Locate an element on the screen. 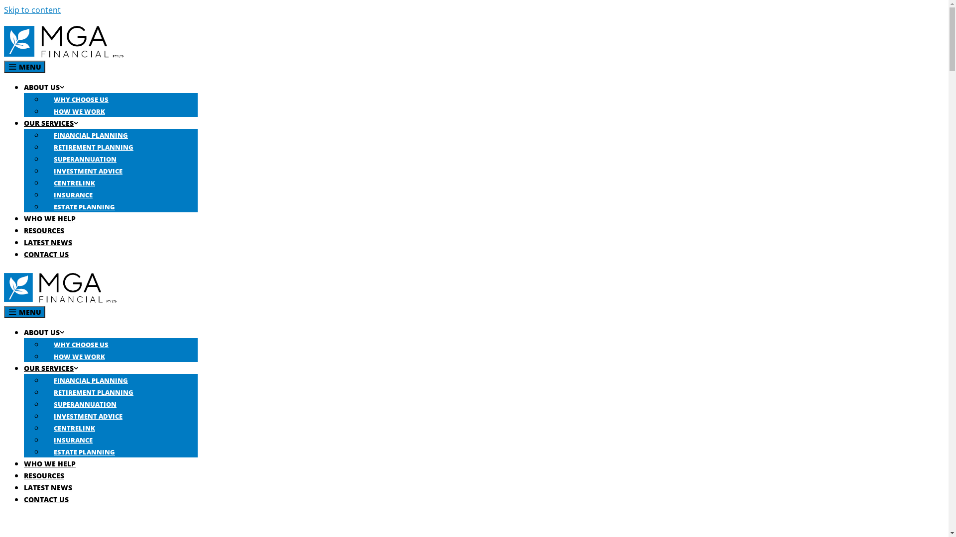  'HOW WE WORK' is located at coordinates (79, 111).